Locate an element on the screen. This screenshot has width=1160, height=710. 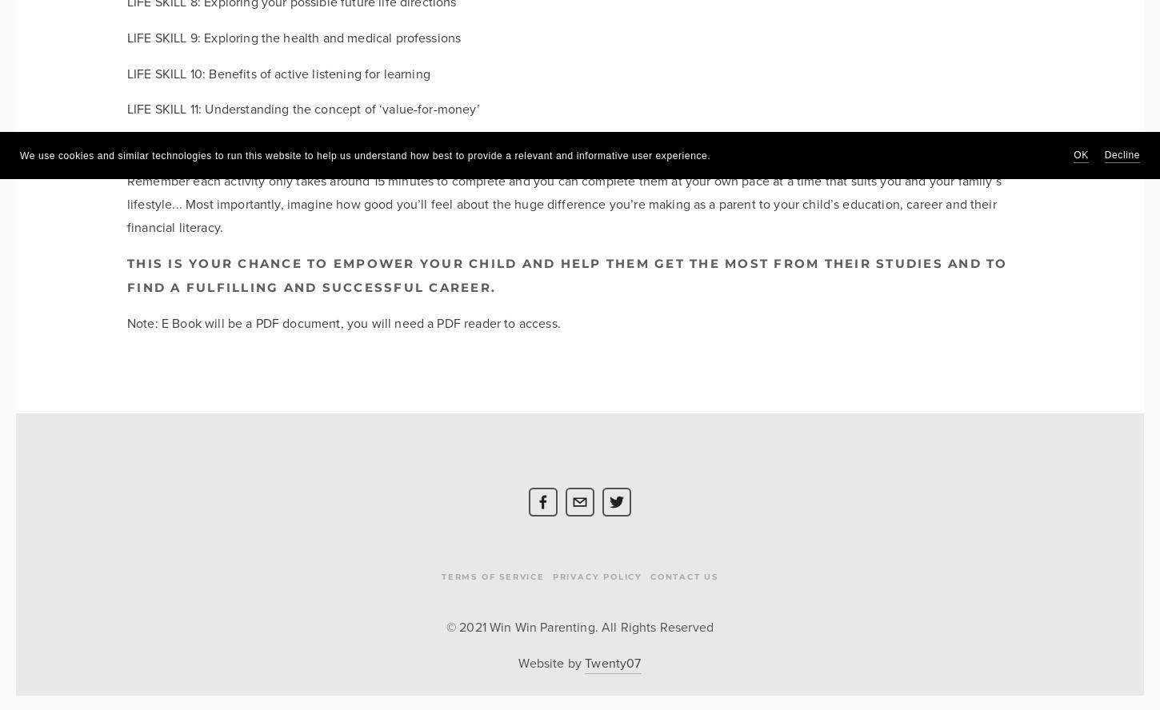
'Contact Us' is located at coordinates (683, 576).